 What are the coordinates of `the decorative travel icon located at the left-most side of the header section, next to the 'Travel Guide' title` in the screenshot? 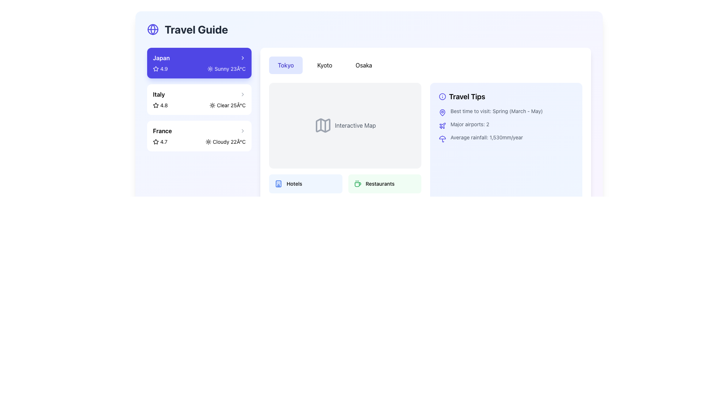 It's located at (152, 29).